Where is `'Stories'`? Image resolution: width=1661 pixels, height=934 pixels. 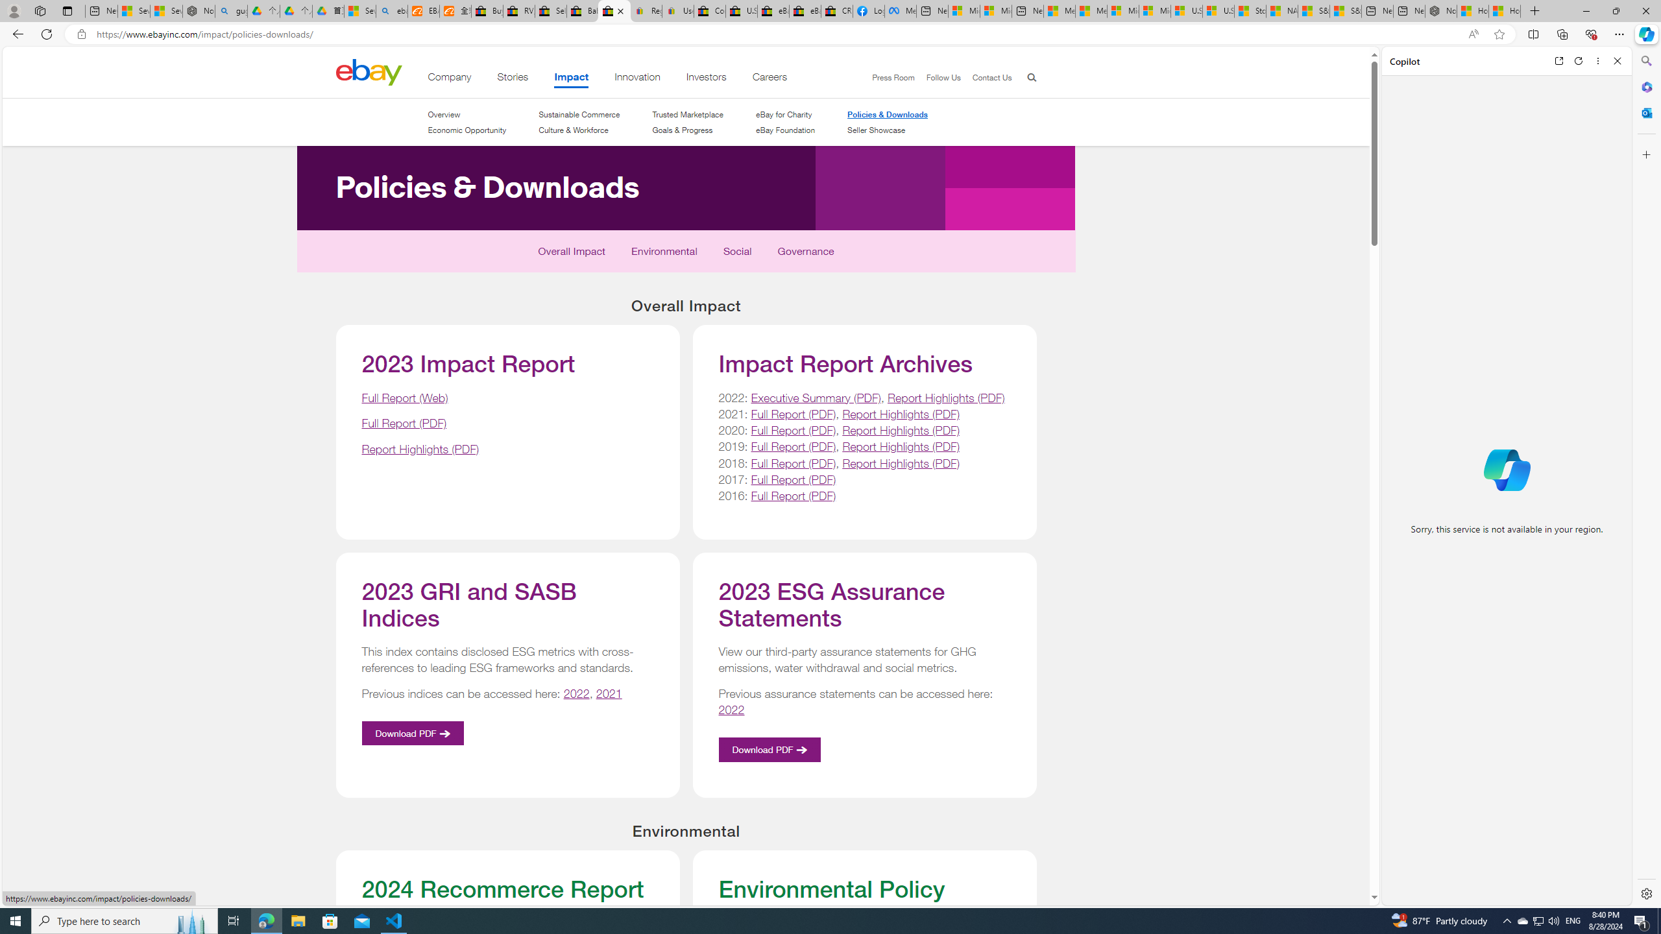 'Stories' is located at coordinates (511, 79).